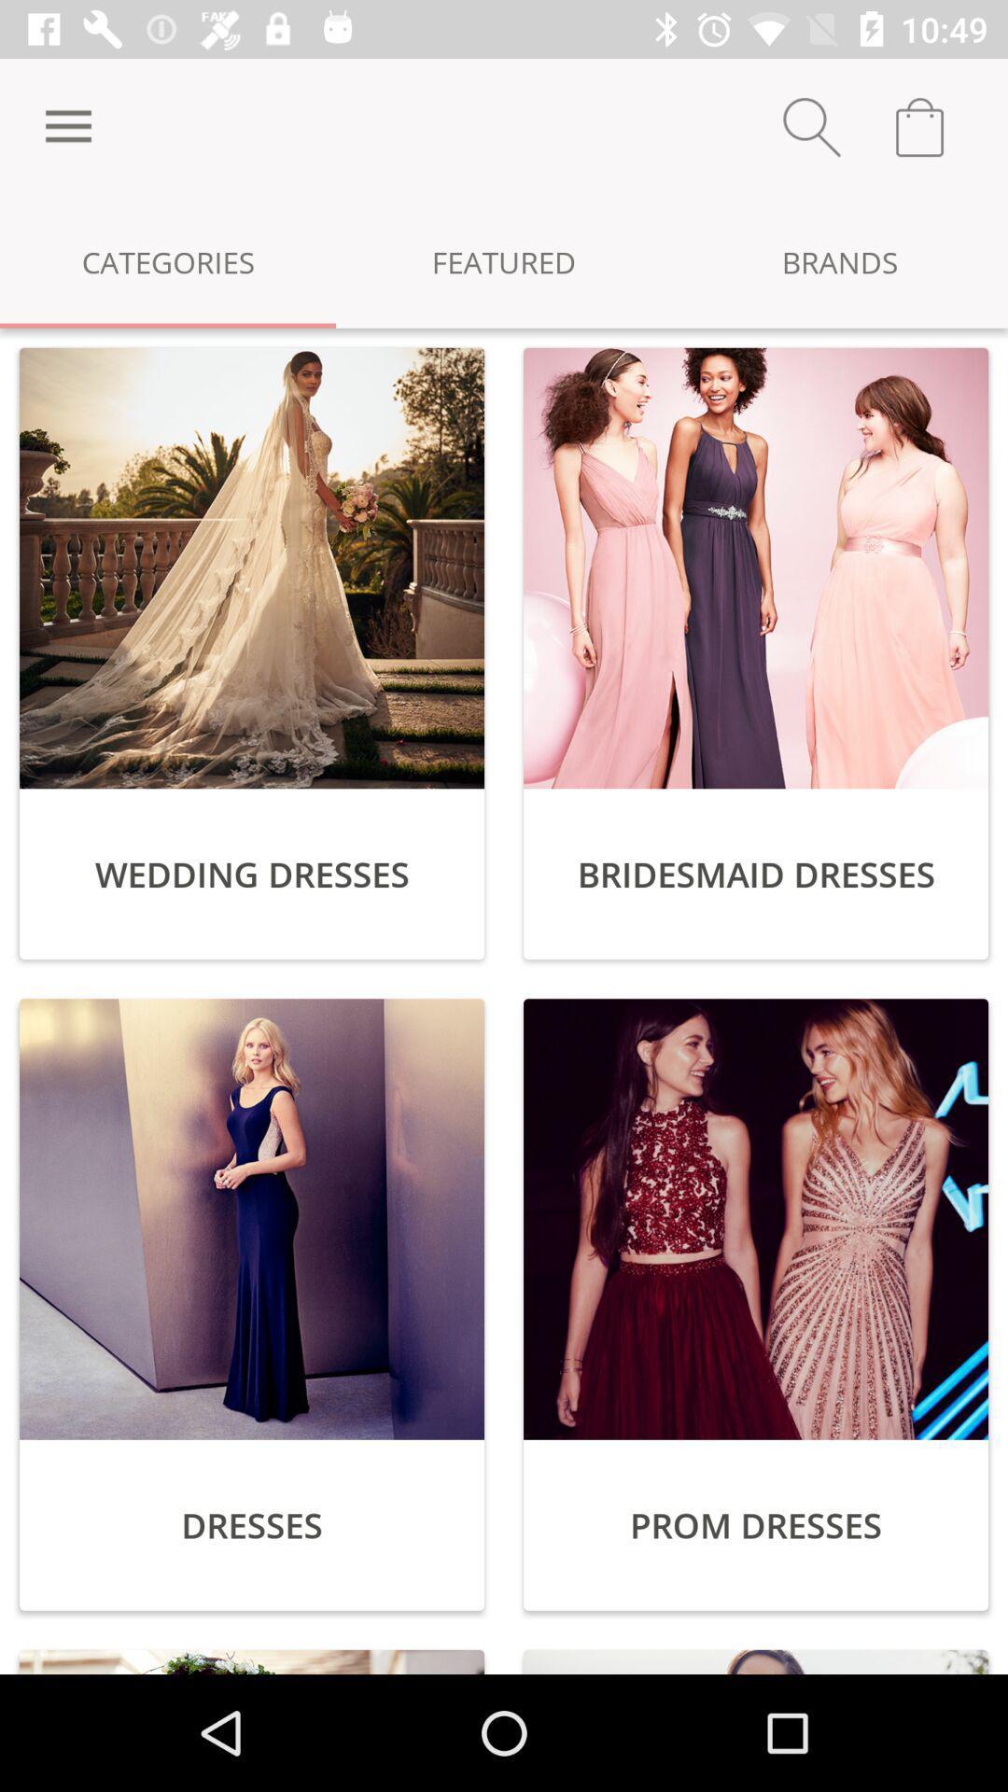 The width and height of the screenshot is (1008, 1792). What do you see at coordinates (67, 126) in the screenshot?
I see `item above the categories` at bounding box center [67, 126].